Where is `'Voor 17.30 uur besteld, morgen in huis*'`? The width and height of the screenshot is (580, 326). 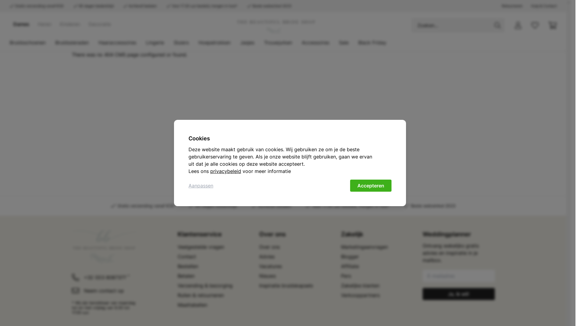 'Voor 17.30 uur besteld, morgen in huis*' is located at coordinates (348, 206).